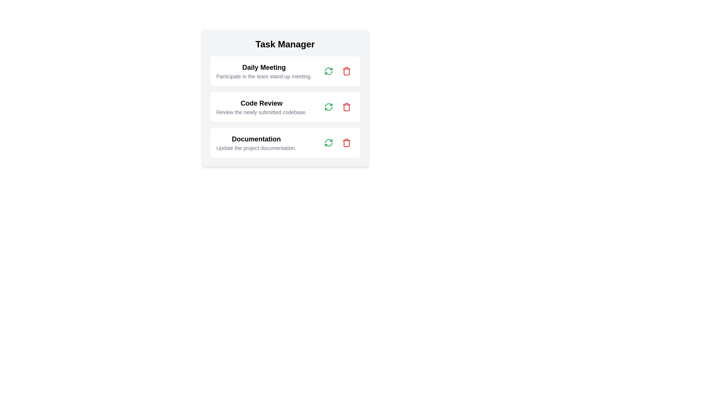  Describe the element at coordinates (264, 76) in the screenshot. I see `the text label that says 'Participate in the team stand-up meeting.' which is styled in a smaller gray font and located below the 'Daily Meeting' title in the first task card` at that location.